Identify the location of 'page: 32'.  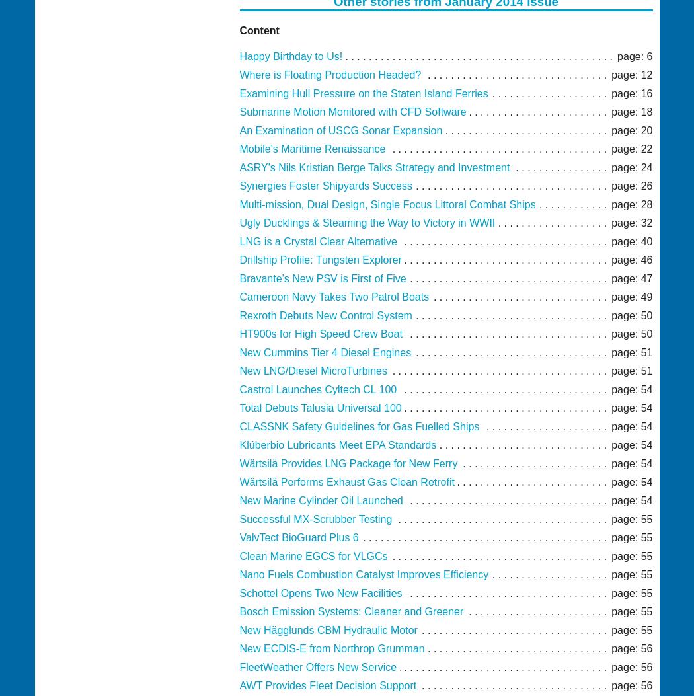
(611, 222).